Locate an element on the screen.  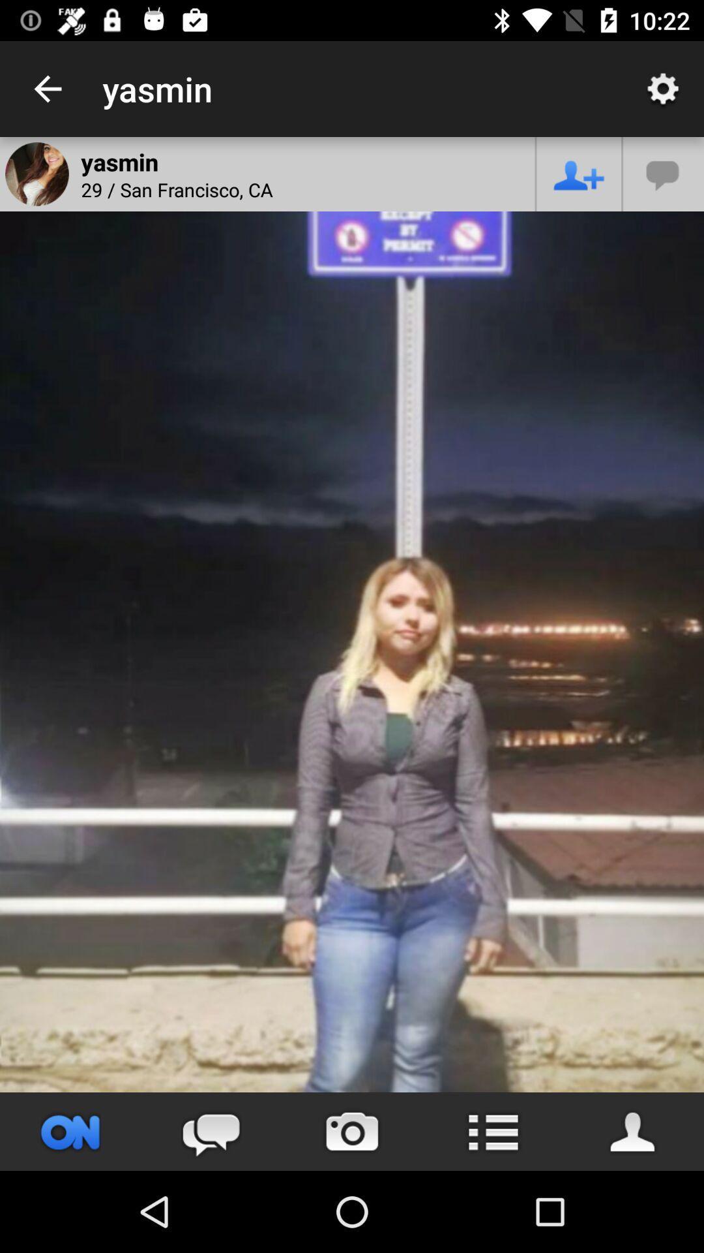
open profile is located at coordinates (633, 1131).